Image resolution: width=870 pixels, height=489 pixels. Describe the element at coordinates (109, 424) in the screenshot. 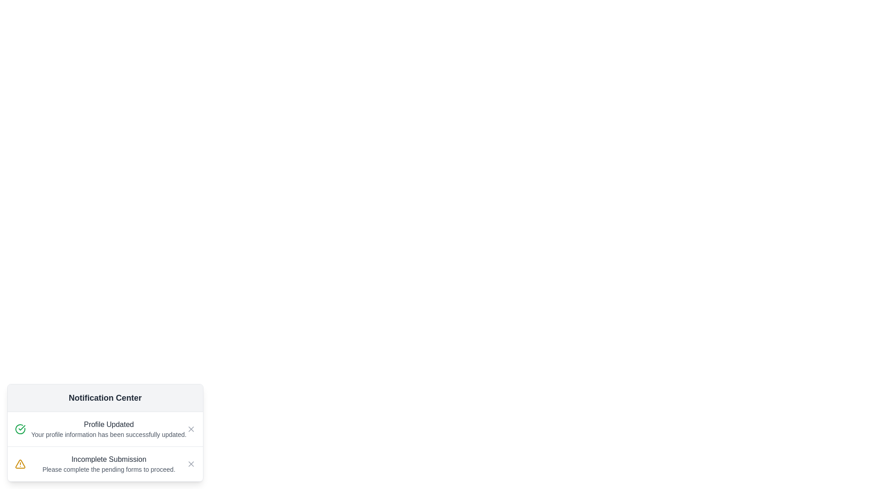

I see `the text label that displays 'Profile Updated' in the Notification Center, which is styled in dark gray and positioned above the explanatory text` at that location.